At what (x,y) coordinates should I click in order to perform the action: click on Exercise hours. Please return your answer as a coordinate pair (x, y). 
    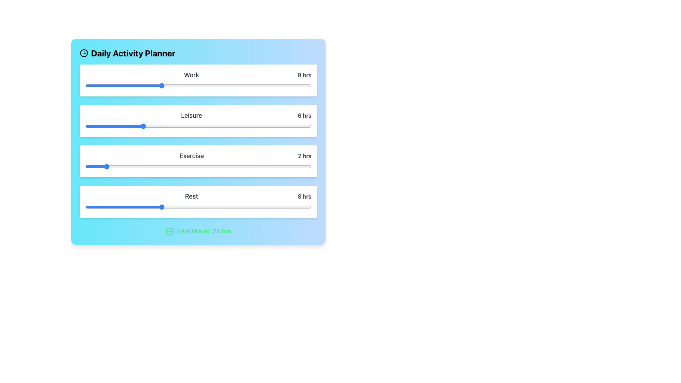
    Looking at the image, I should click on (283, 167).